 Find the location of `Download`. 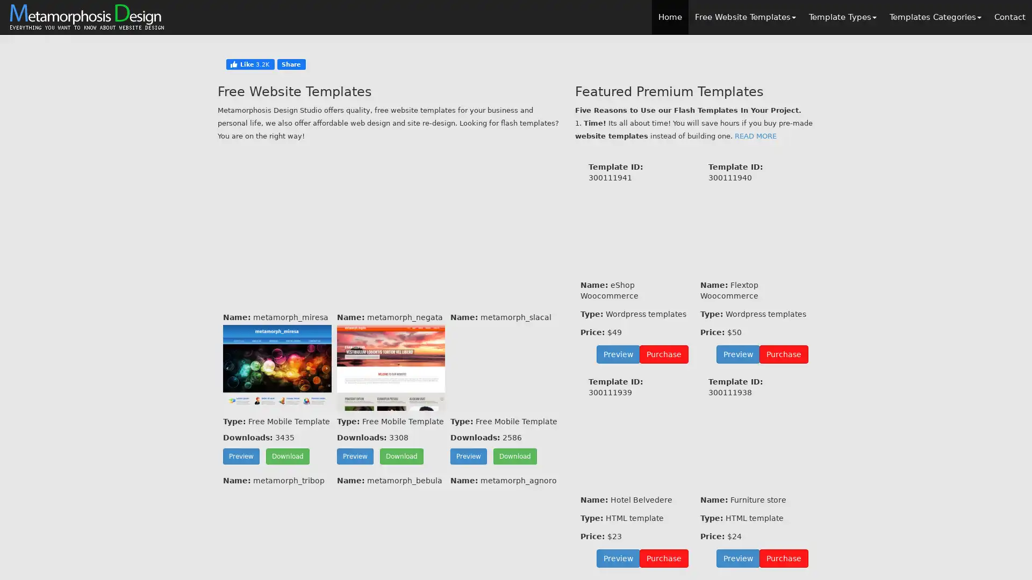

Download is located at coordinates (514, 456).